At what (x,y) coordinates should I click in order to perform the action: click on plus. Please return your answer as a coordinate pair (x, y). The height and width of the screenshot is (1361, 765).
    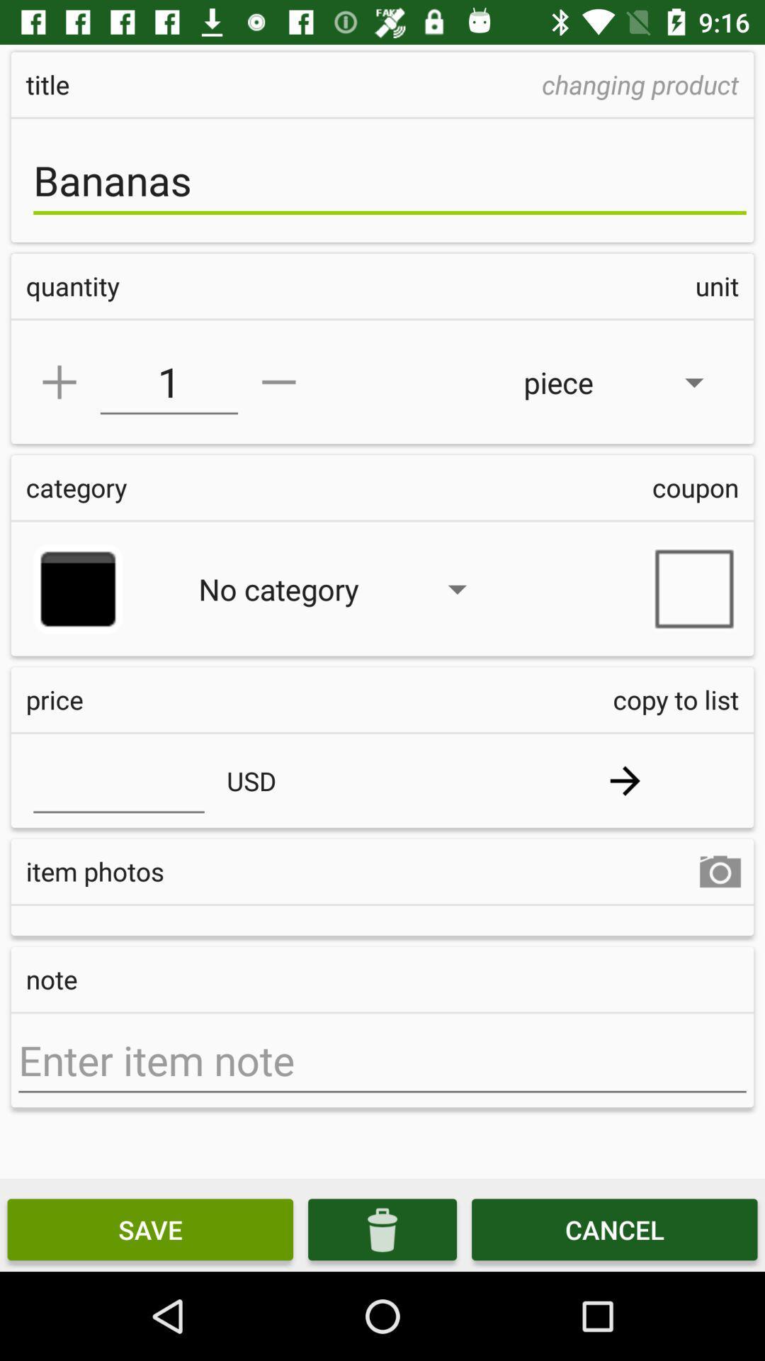
    Looking at the image, I should click on (59, 382).